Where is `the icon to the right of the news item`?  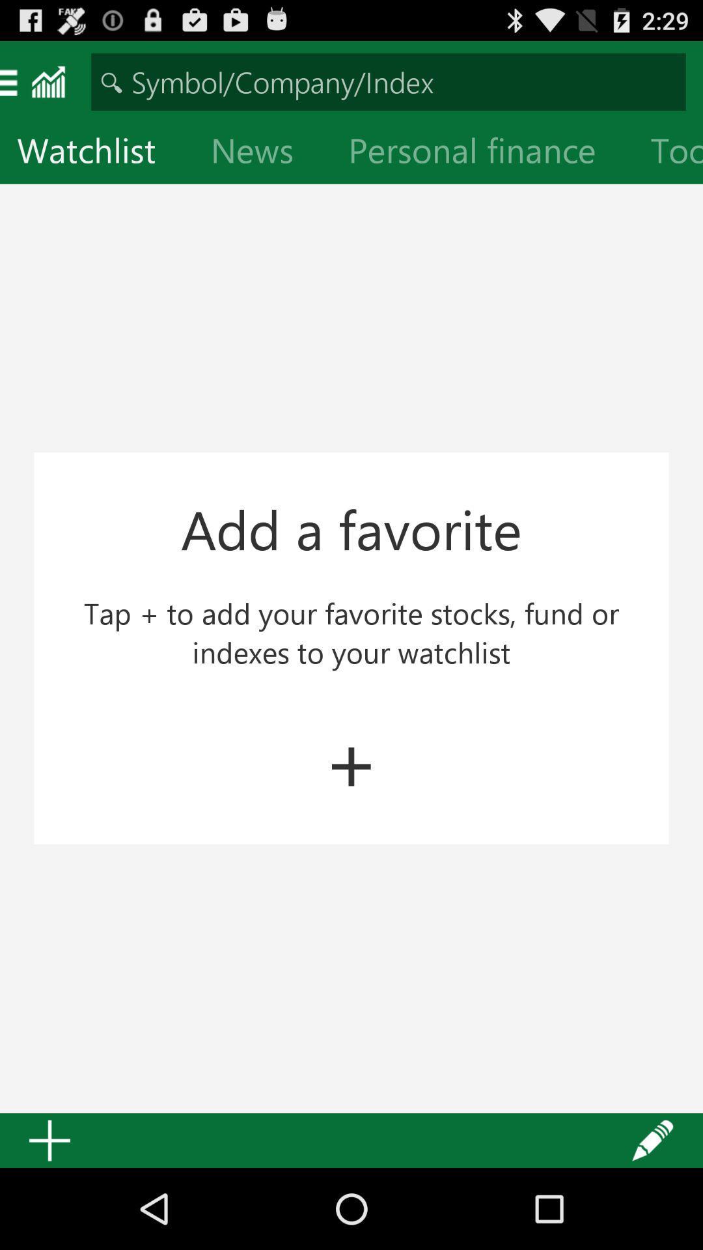 the icon to the right of the news item is located at coordinates (482, 153).